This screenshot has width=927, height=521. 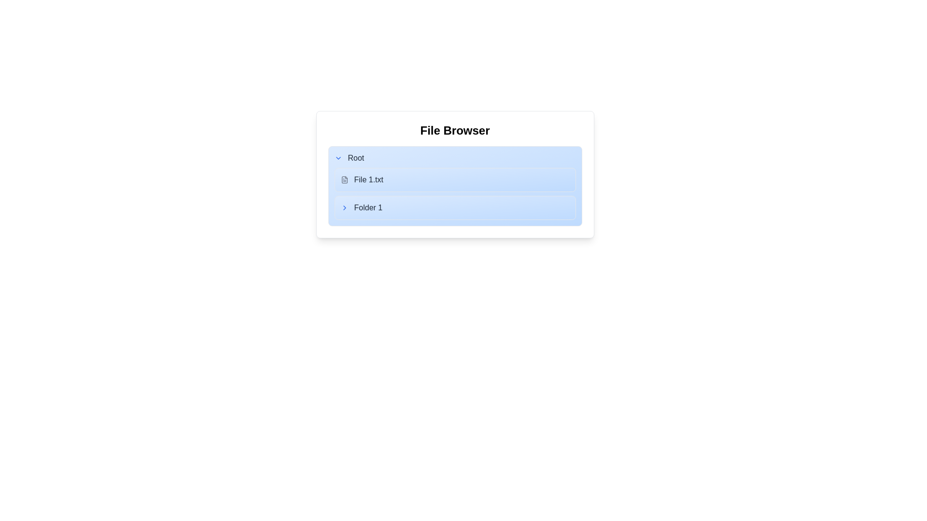 What do you see at coordinates (344, 180) in the screenshot?
I see `the file icon representing 'File 1.txt' in the file browsing interface, which is located under the 'Root' directory and just before 'Folder 1'` at bounding box center [344, 180].